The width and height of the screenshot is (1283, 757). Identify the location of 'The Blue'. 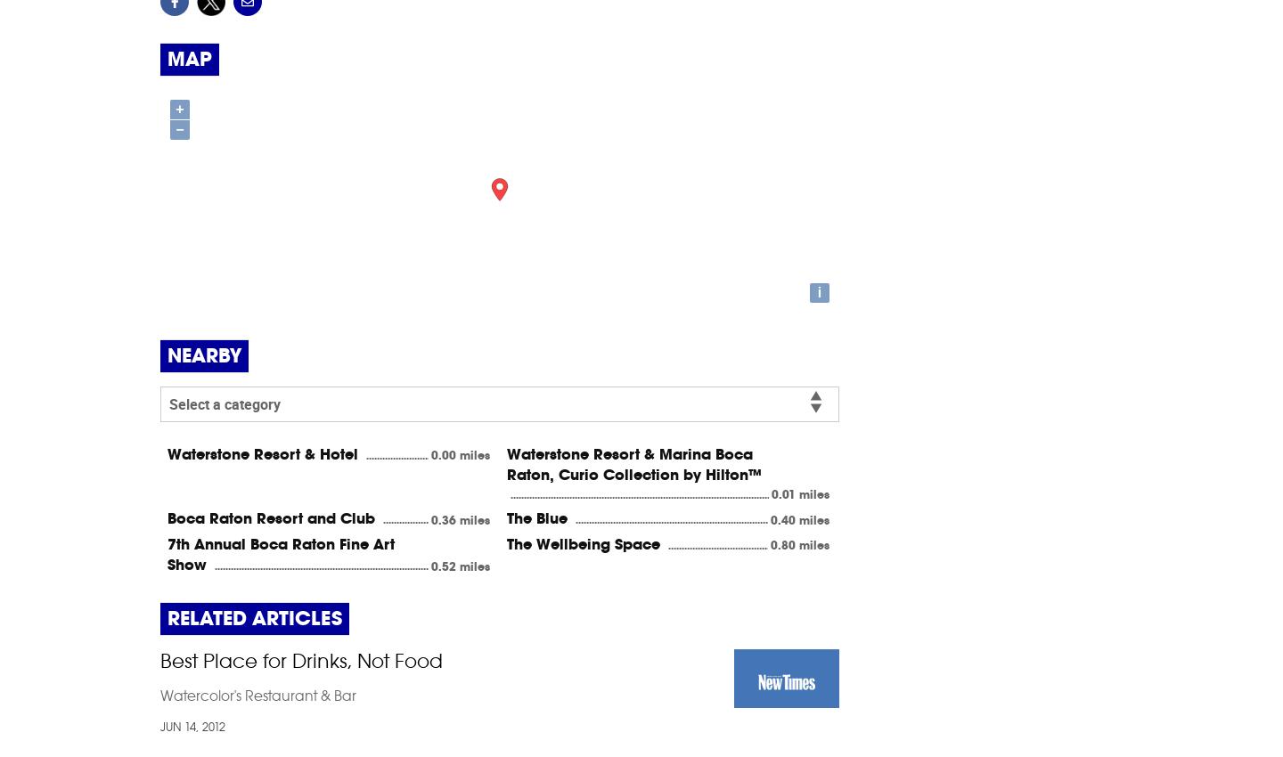
(538, 517).